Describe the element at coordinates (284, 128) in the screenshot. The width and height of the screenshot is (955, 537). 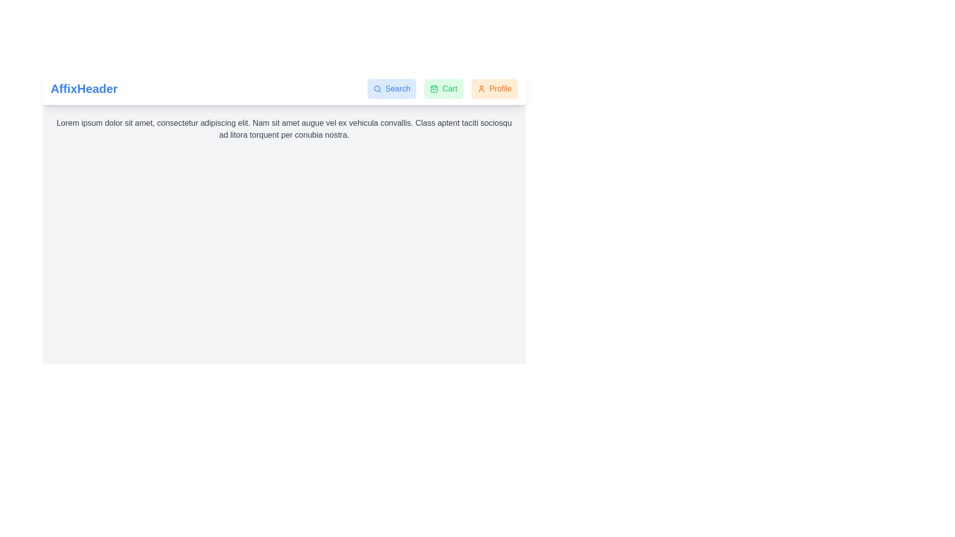
I see `the paragraph text block with dark gray font color that displays 'Lorem ipsum dolor sit amet, consectetur adipiscing elit. Nam sit amet augue vel ex vehicula convallis. Class aptent taciti sociosqu ad litora torquent per conubia nostra.'` at that location.